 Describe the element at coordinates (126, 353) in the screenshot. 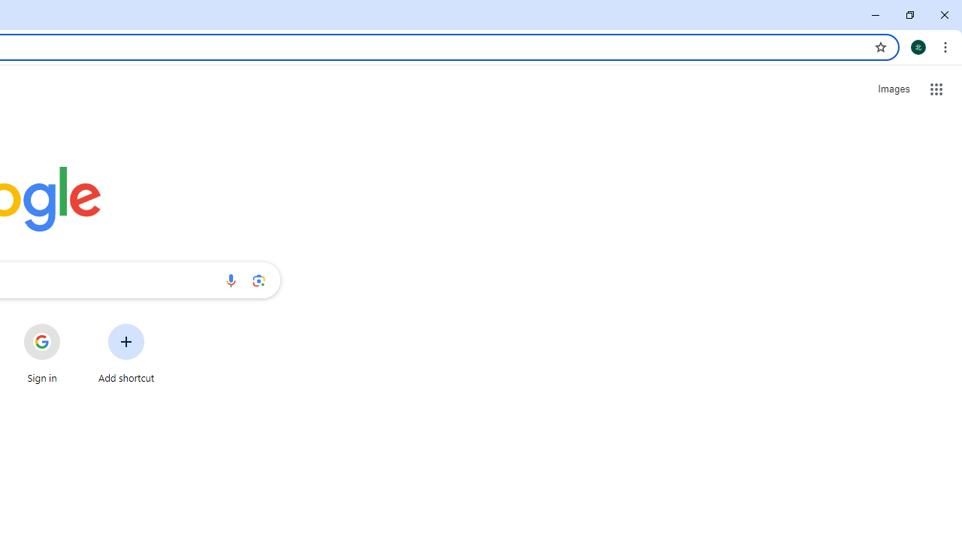

I see `'Add shortcut'` at that location.